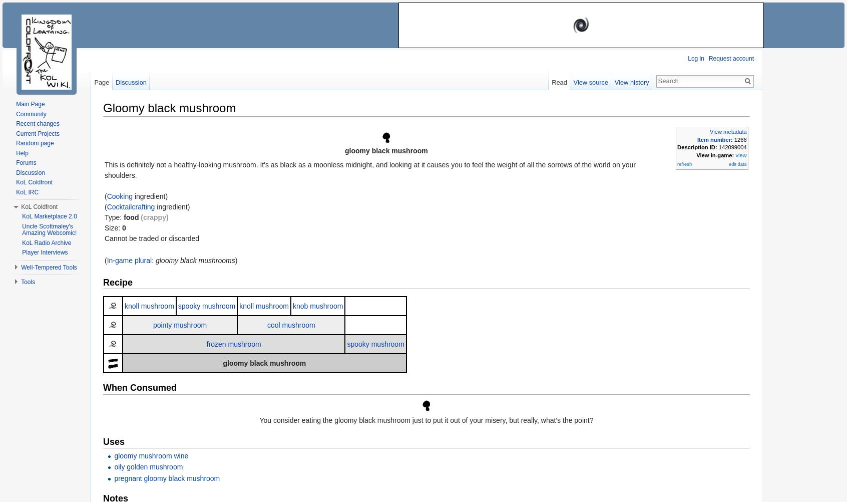 The image size is (847, 502). Describe the element at coordinates (737, 163) in the screenshot. I see `'edit data'` at that location.